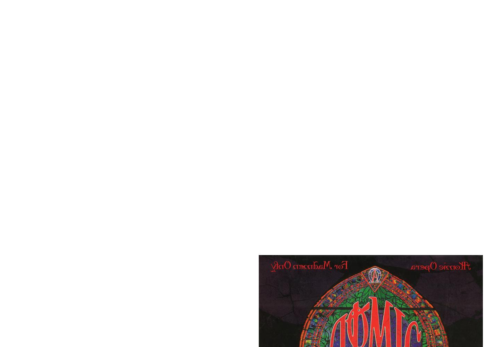  What do you see at coordinates (20, 219) in the screenshot?
I see `'Atomic Opera — For Madmen Only'` at bounding box center [20, 219].